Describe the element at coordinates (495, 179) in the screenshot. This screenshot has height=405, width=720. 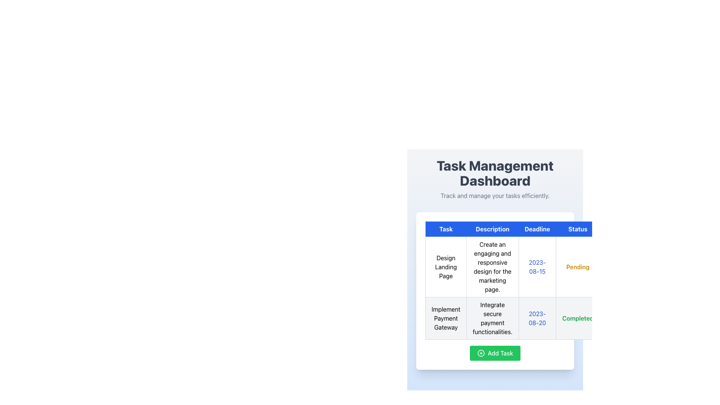
I see `the Text block displaying 'Task Management Dashboard' and its subheading 'Track and manage your tasks efficiently.'` at that location.